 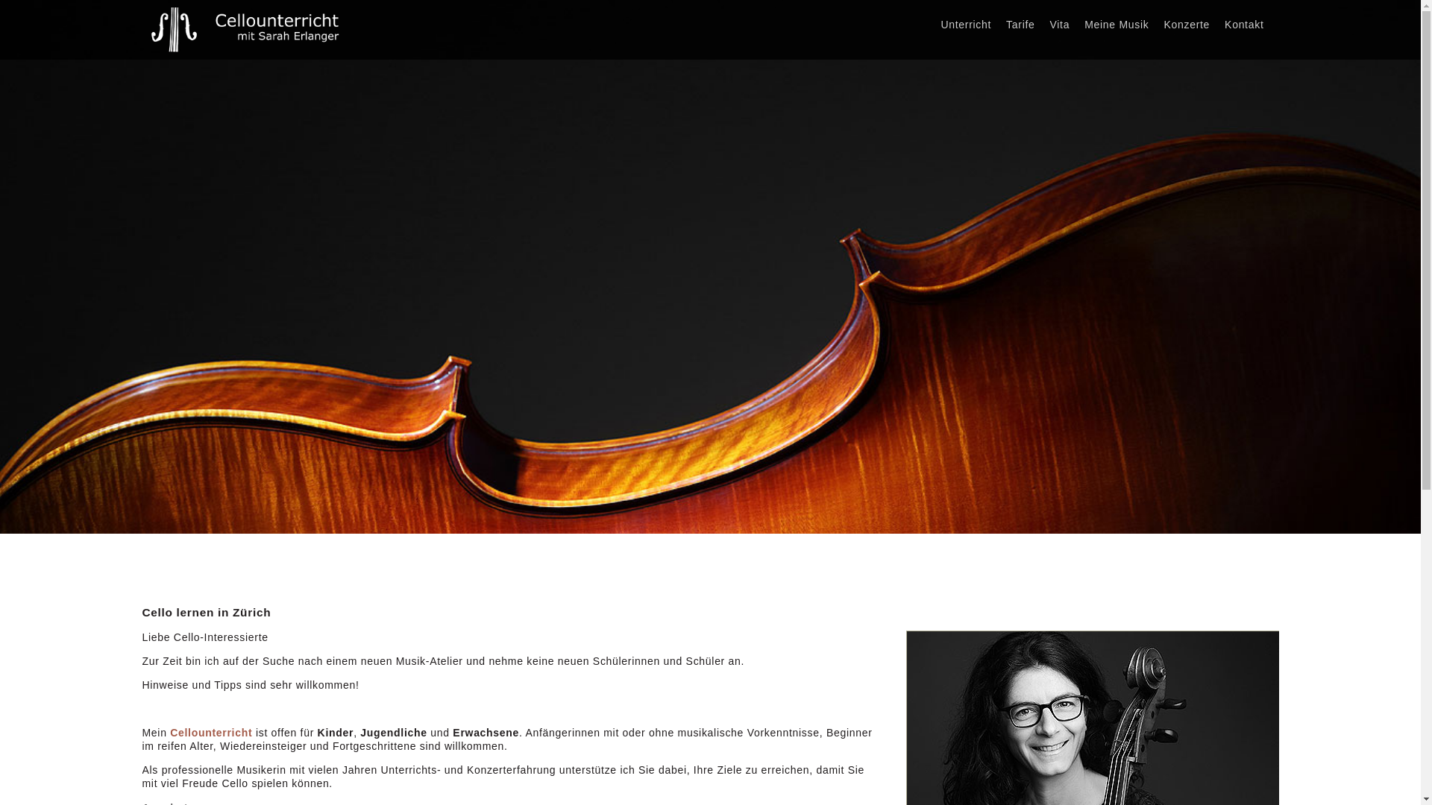 I want to click on 'Meine Musik', so click(x=1117, y=25).